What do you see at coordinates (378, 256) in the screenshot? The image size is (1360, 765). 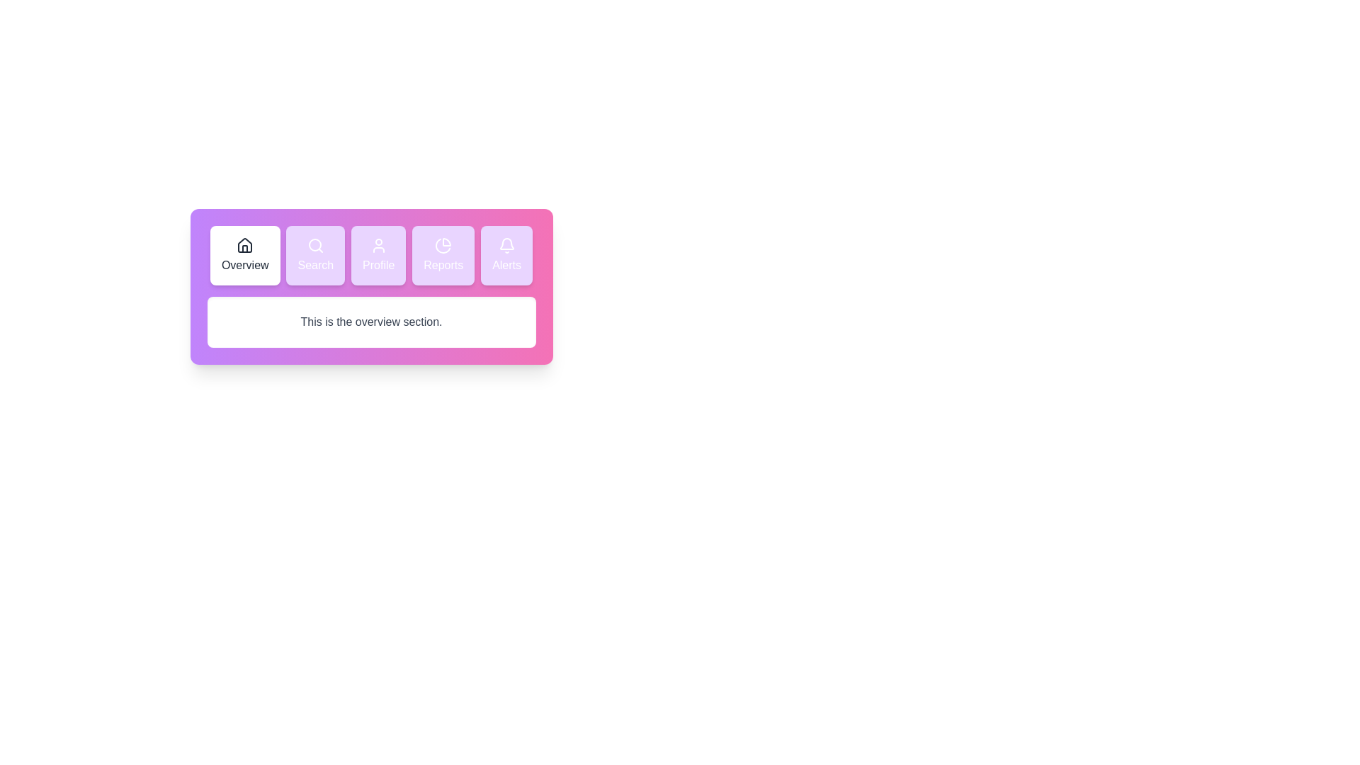 I see `the user's profile or account settings button` at bounding box center [378, 256].